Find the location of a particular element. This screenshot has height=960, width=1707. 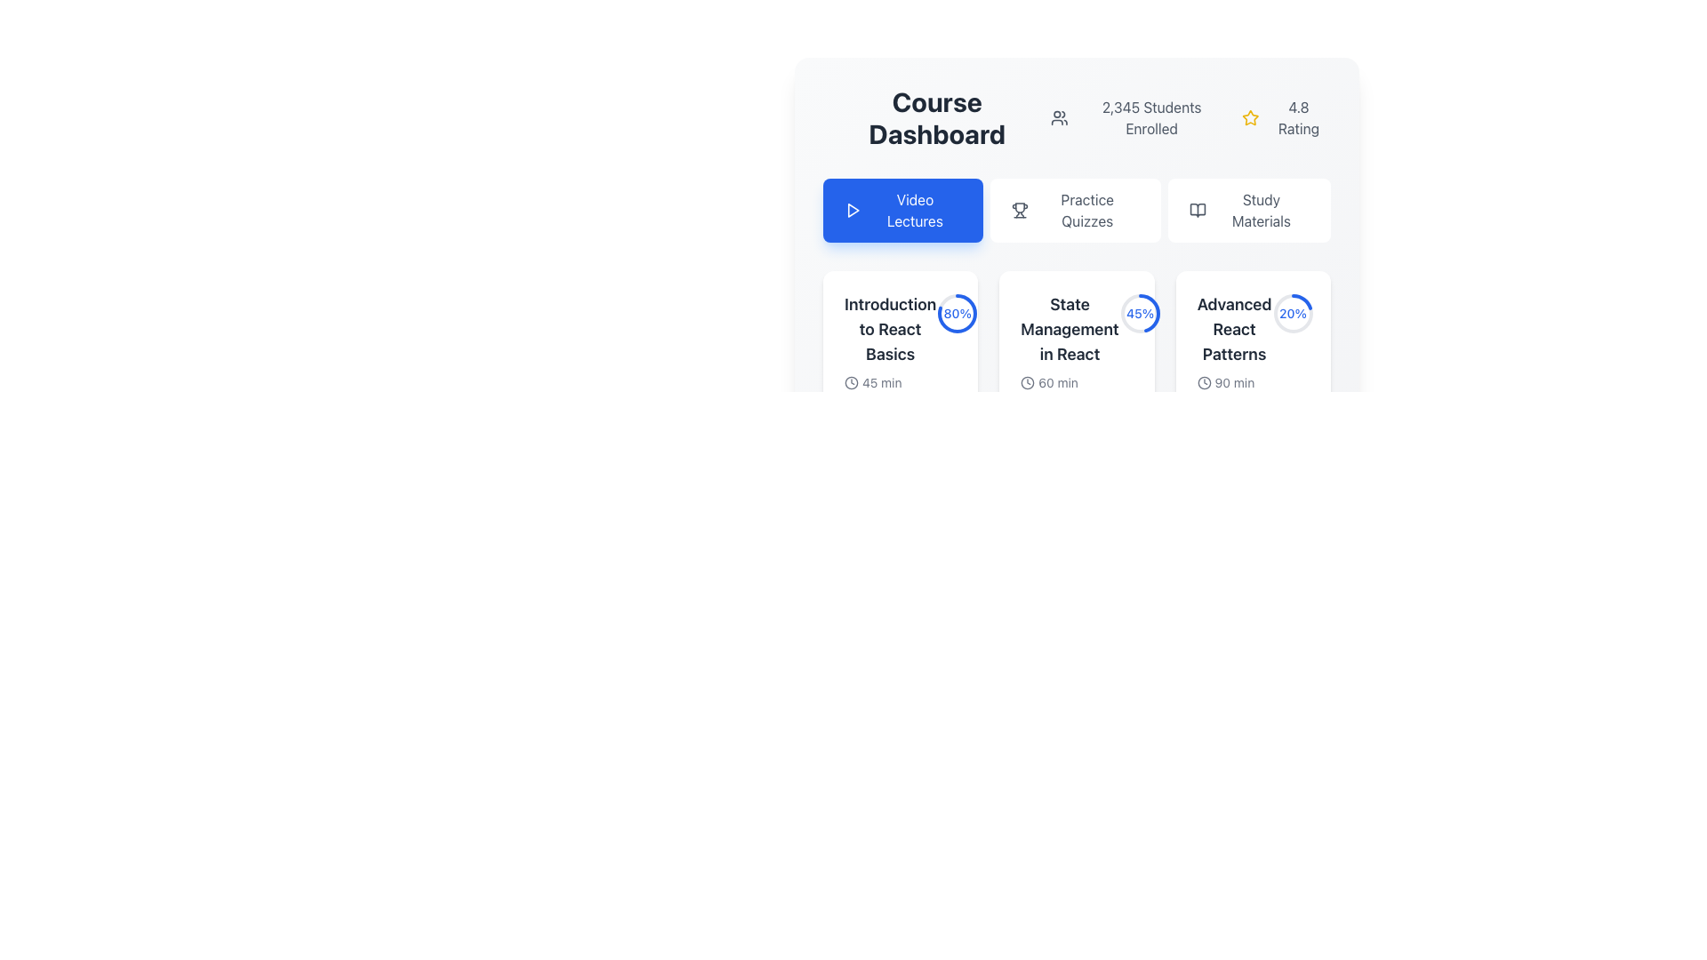

the star icon with a yellow outline and hollow center, located next to the '4.8 Rating' text is located at coordinates (1249, 117).